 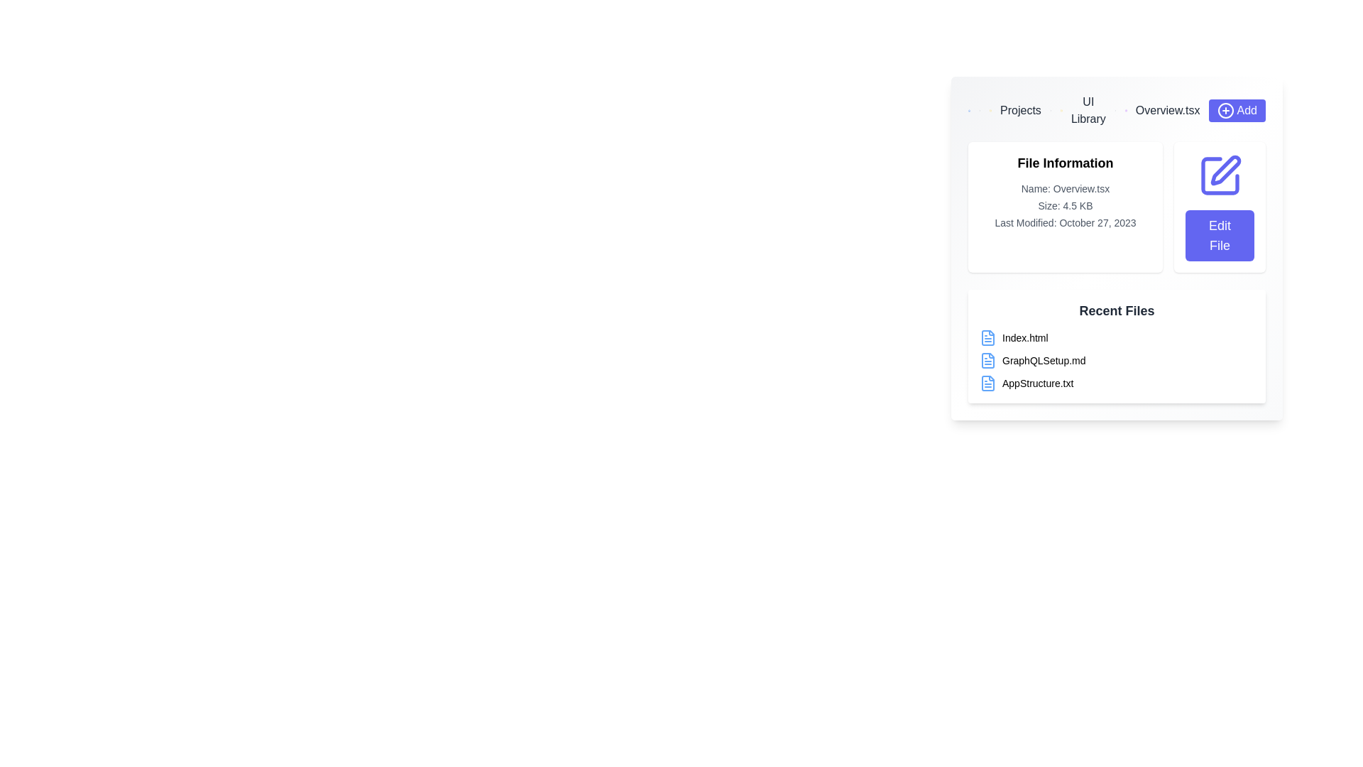 What do you see at coordinates (987, 337) in the screenshot?
I see `the SVG icon representing a document with lines, styled in blue, located to the left of the file name 'Index.html' in the 'Recent Files' section to possibly view additional information` at bounding box center [987, 337].